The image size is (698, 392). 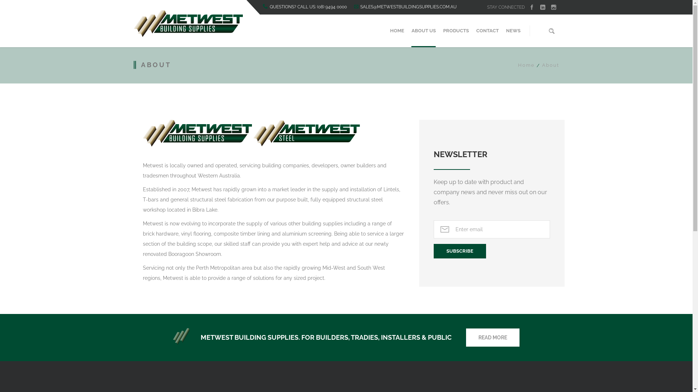 What do you see at coordinates (542, 7) in the screenshot?
I see `'linkedin'` at bounding box center [542, 7].